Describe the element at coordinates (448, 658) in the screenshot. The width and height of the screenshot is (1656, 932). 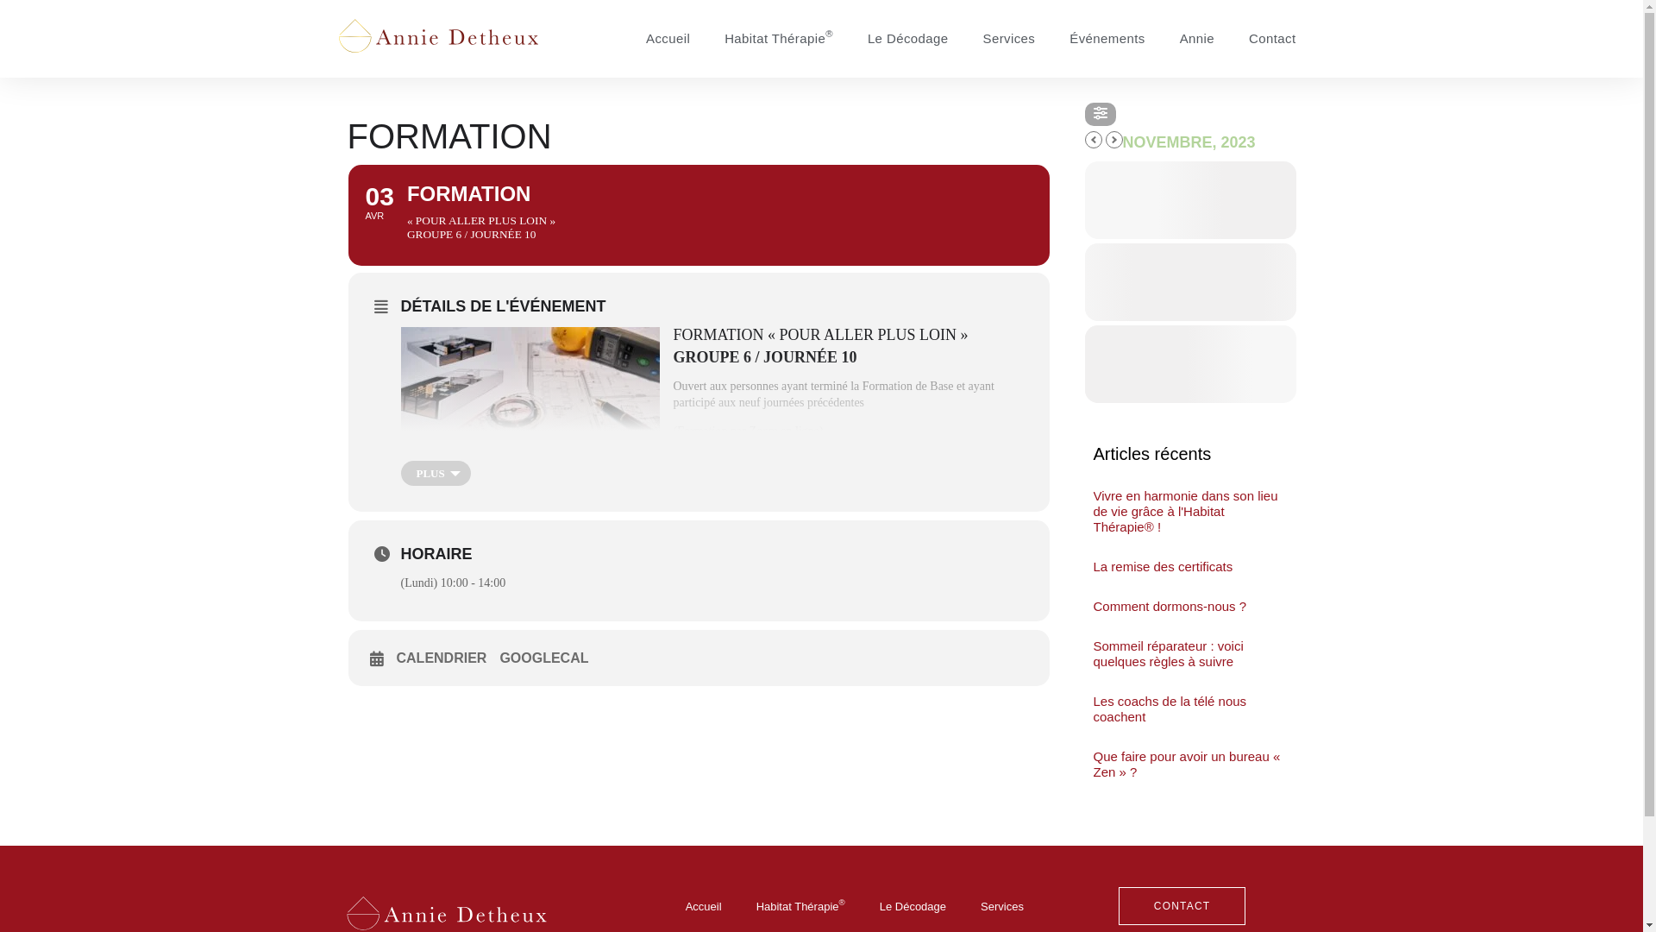
I see `'CALENDRIER'` at that location.